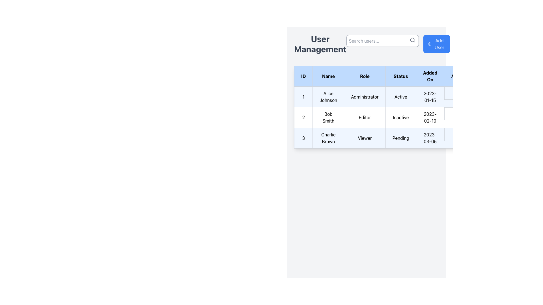  I want to click on the SVG Circle that represents the lens of the magnifying glass icon, located to the right of the search input field in the header, so click(412, 40).